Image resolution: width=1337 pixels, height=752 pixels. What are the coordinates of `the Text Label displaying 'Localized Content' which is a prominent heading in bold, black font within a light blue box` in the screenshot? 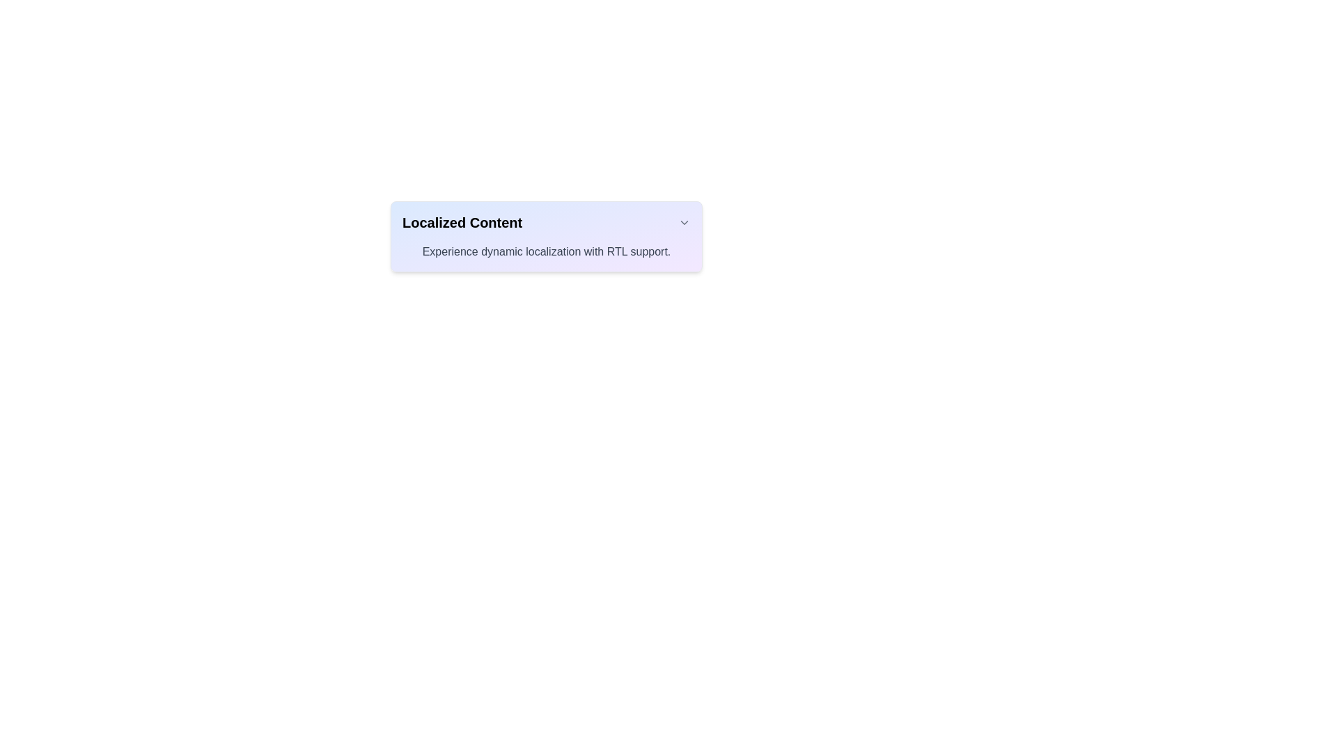 It's located at (462, 222).